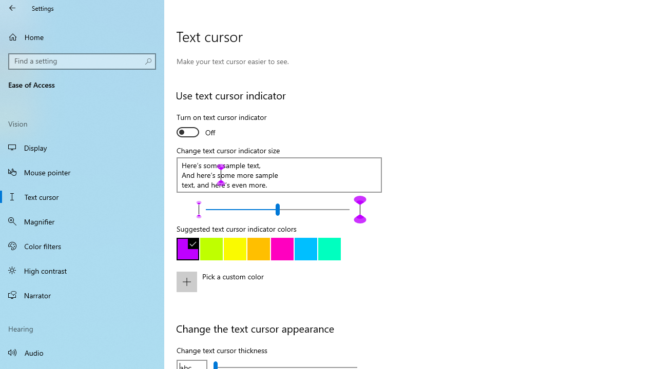  Describe the element at coordinates (305, 249) in the screenshot. I see `'Turquoise'` at that location.